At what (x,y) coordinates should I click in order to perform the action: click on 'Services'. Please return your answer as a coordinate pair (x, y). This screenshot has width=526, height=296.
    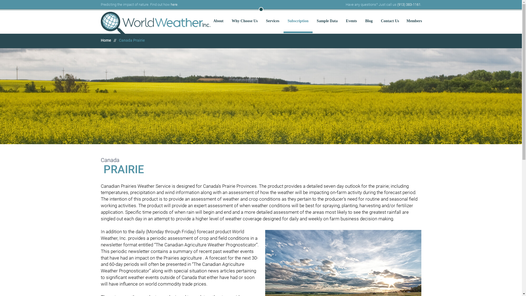
    Looking at the image, I should click on (273, 21).